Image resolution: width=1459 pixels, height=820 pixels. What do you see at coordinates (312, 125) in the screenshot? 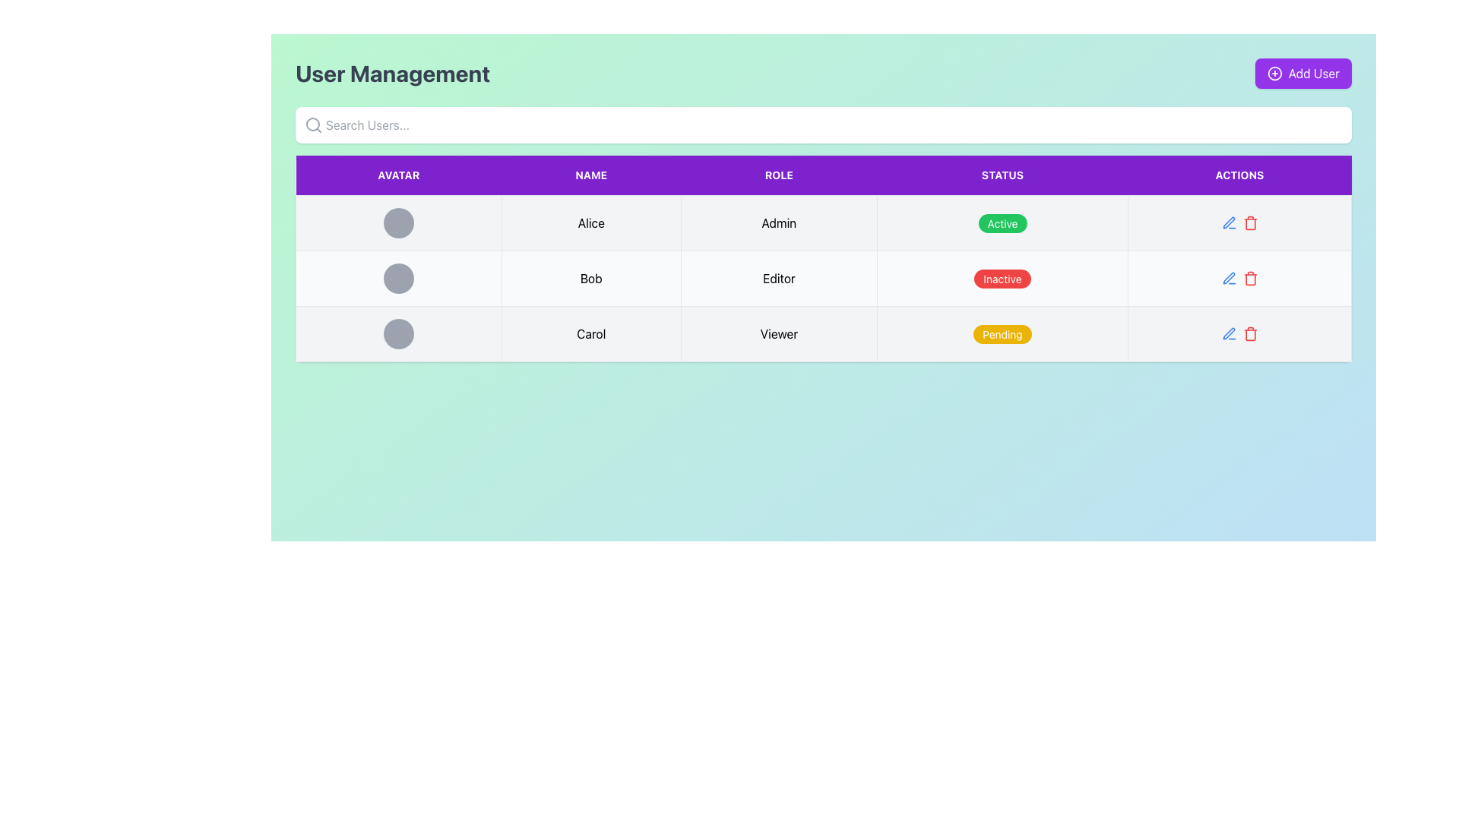
I see `the search icon located inside the search input field labeled 'Search Users...' which is positioned below the 'User Management' header` at bounding box center [312, 125].